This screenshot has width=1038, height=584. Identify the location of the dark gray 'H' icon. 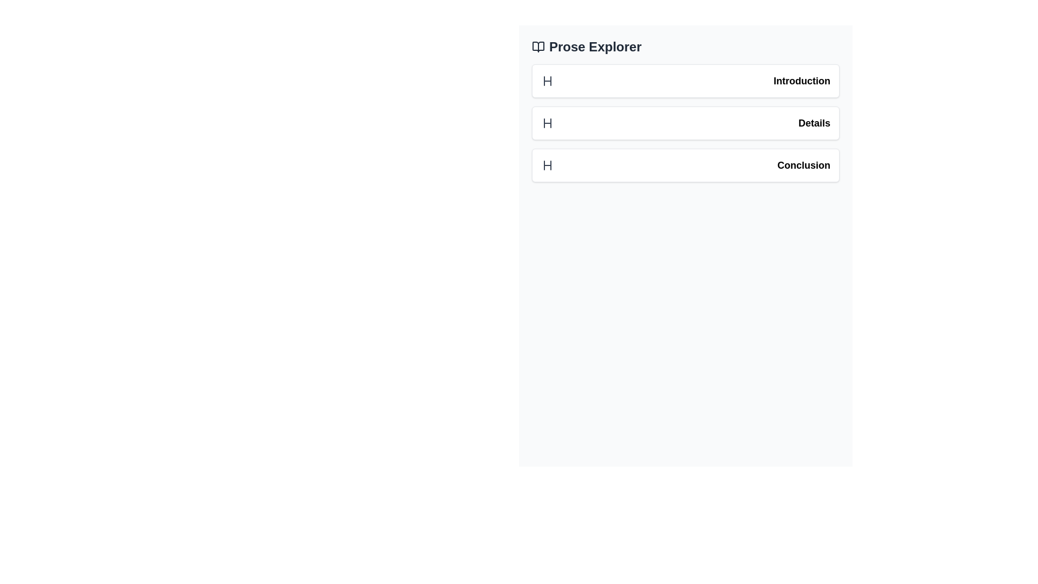
(547, 122).